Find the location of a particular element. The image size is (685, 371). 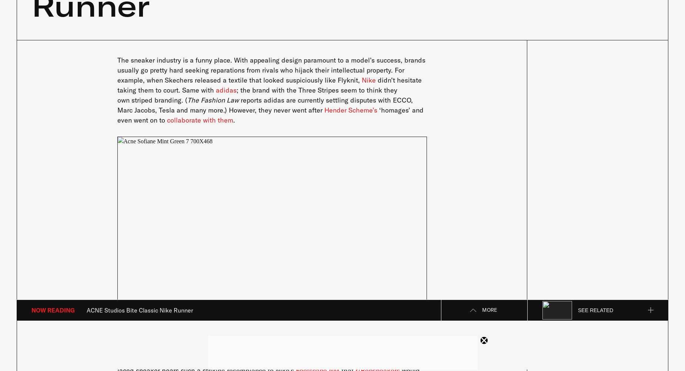

'didn’t hesitate taking them to court. Same with' is located at coordinates (269, 84).